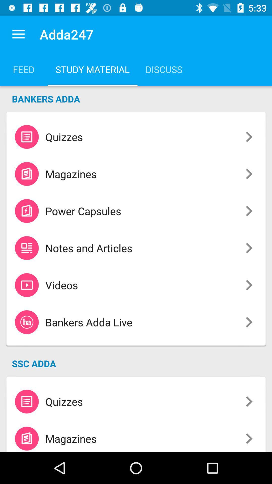 This screenshot has height=484, width=272. I want to click on the icon to the left of adda247, so click(18, 34).